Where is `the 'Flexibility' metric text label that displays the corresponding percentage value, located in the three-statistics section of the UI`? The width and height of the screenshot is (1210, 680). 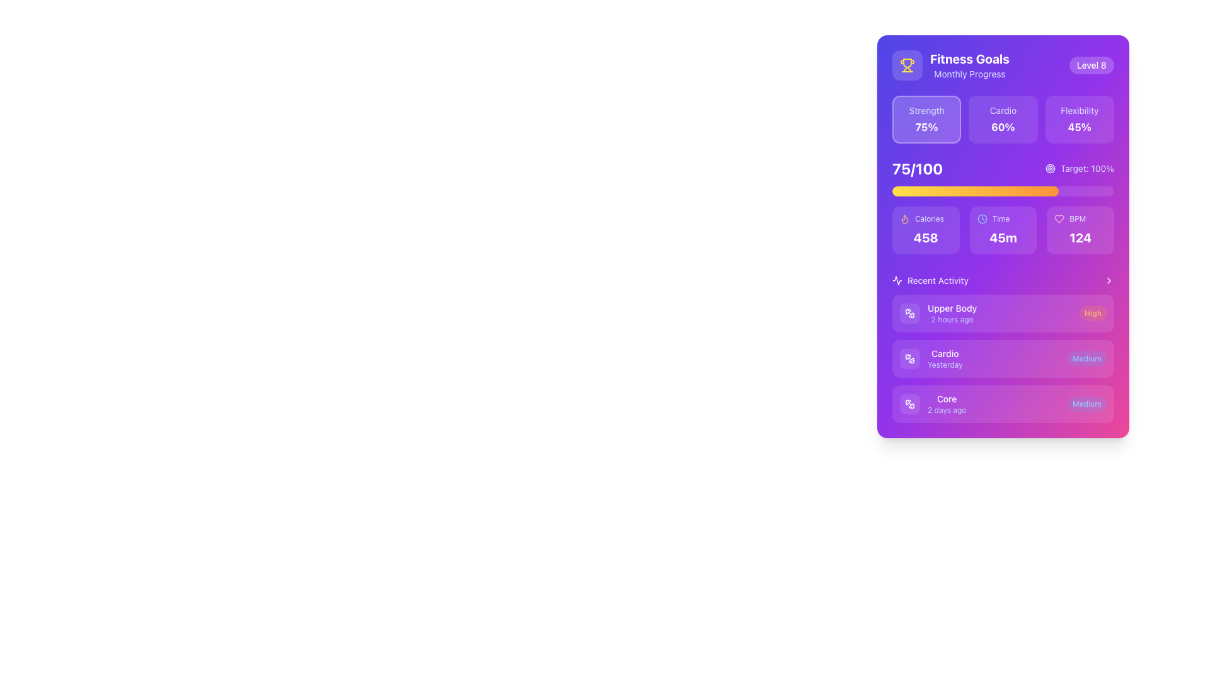
the 'Flexibility' metric text label that displays the corresponding percentage value, located in the three-statistics section of the UI is located at coordinates (1079, 127).